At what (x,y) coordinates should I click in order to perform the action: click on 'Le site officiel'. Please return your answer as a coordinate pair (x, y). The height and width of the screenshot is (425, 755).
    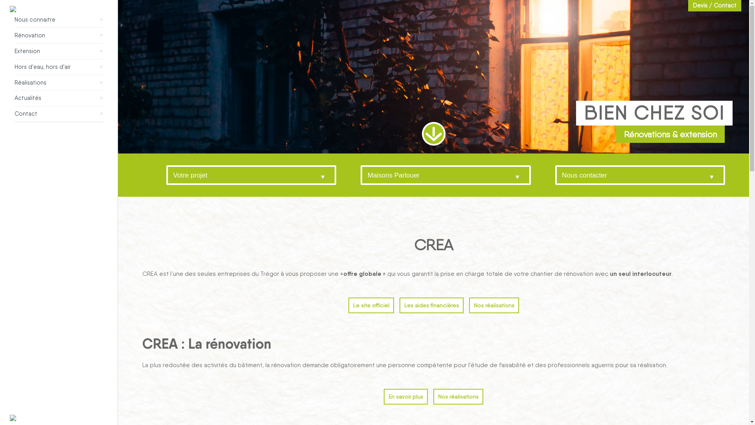
    Looking at the image, I should click on (371, 305).